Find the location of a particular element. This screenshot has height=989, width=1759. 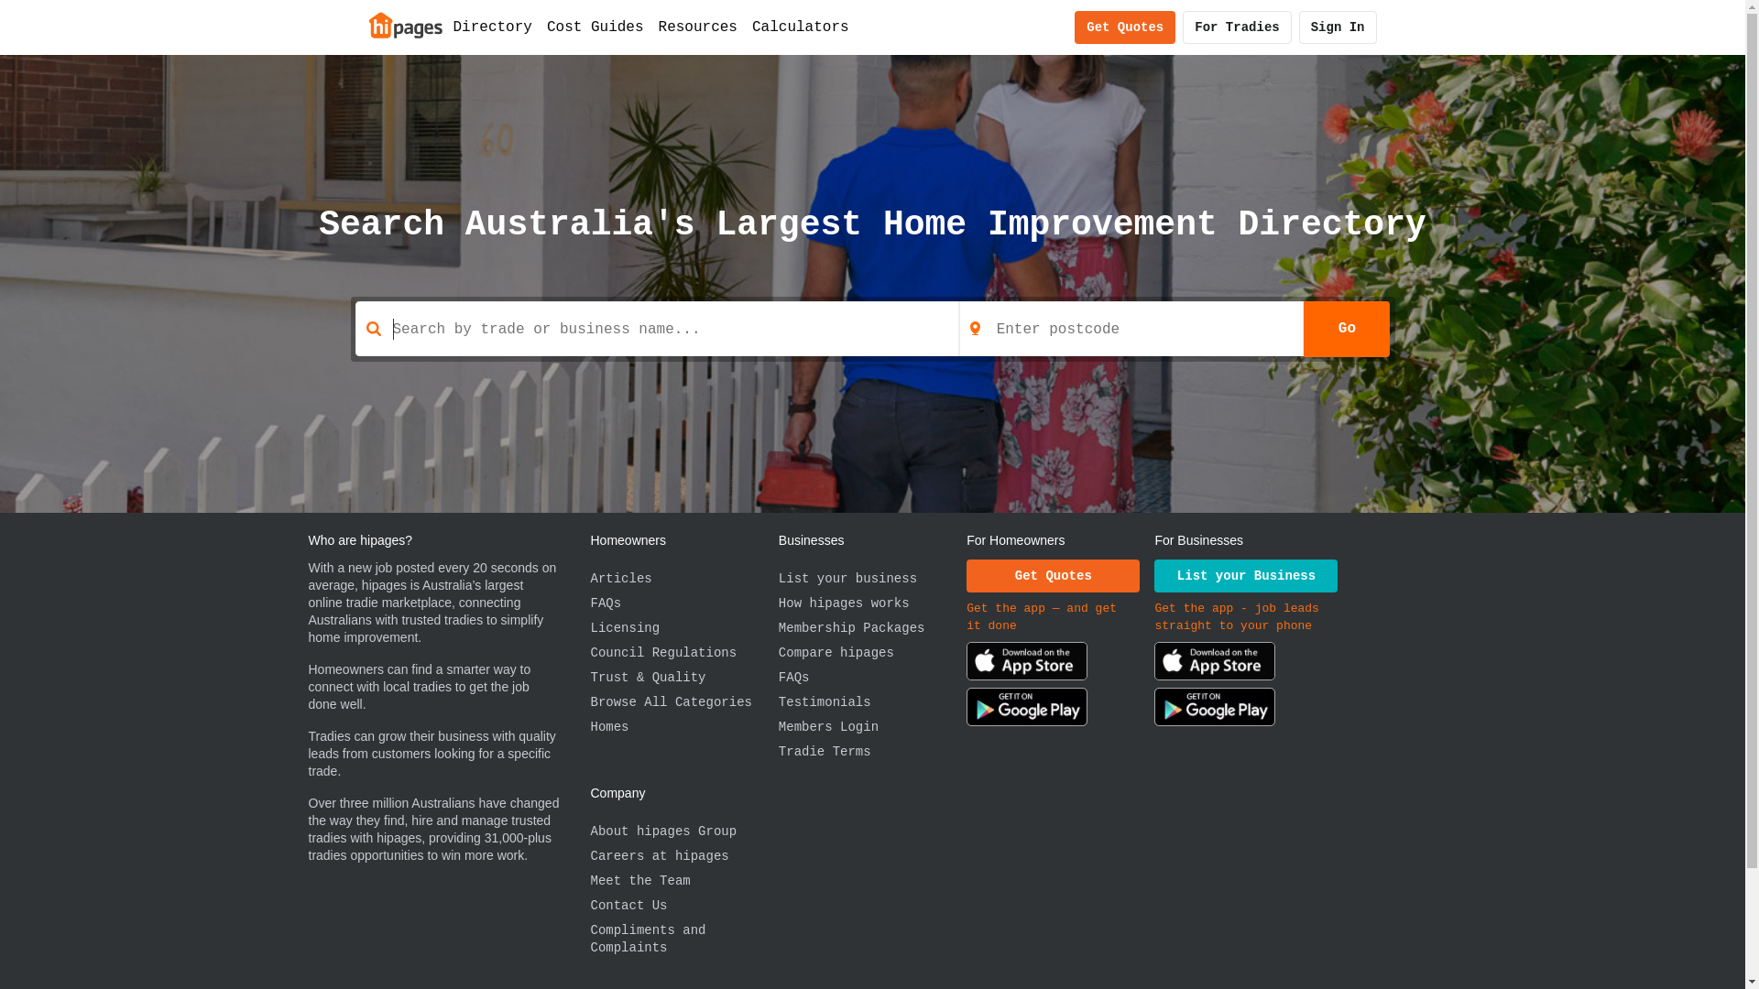

'Testimonials' is located at coordinates (871, 701).